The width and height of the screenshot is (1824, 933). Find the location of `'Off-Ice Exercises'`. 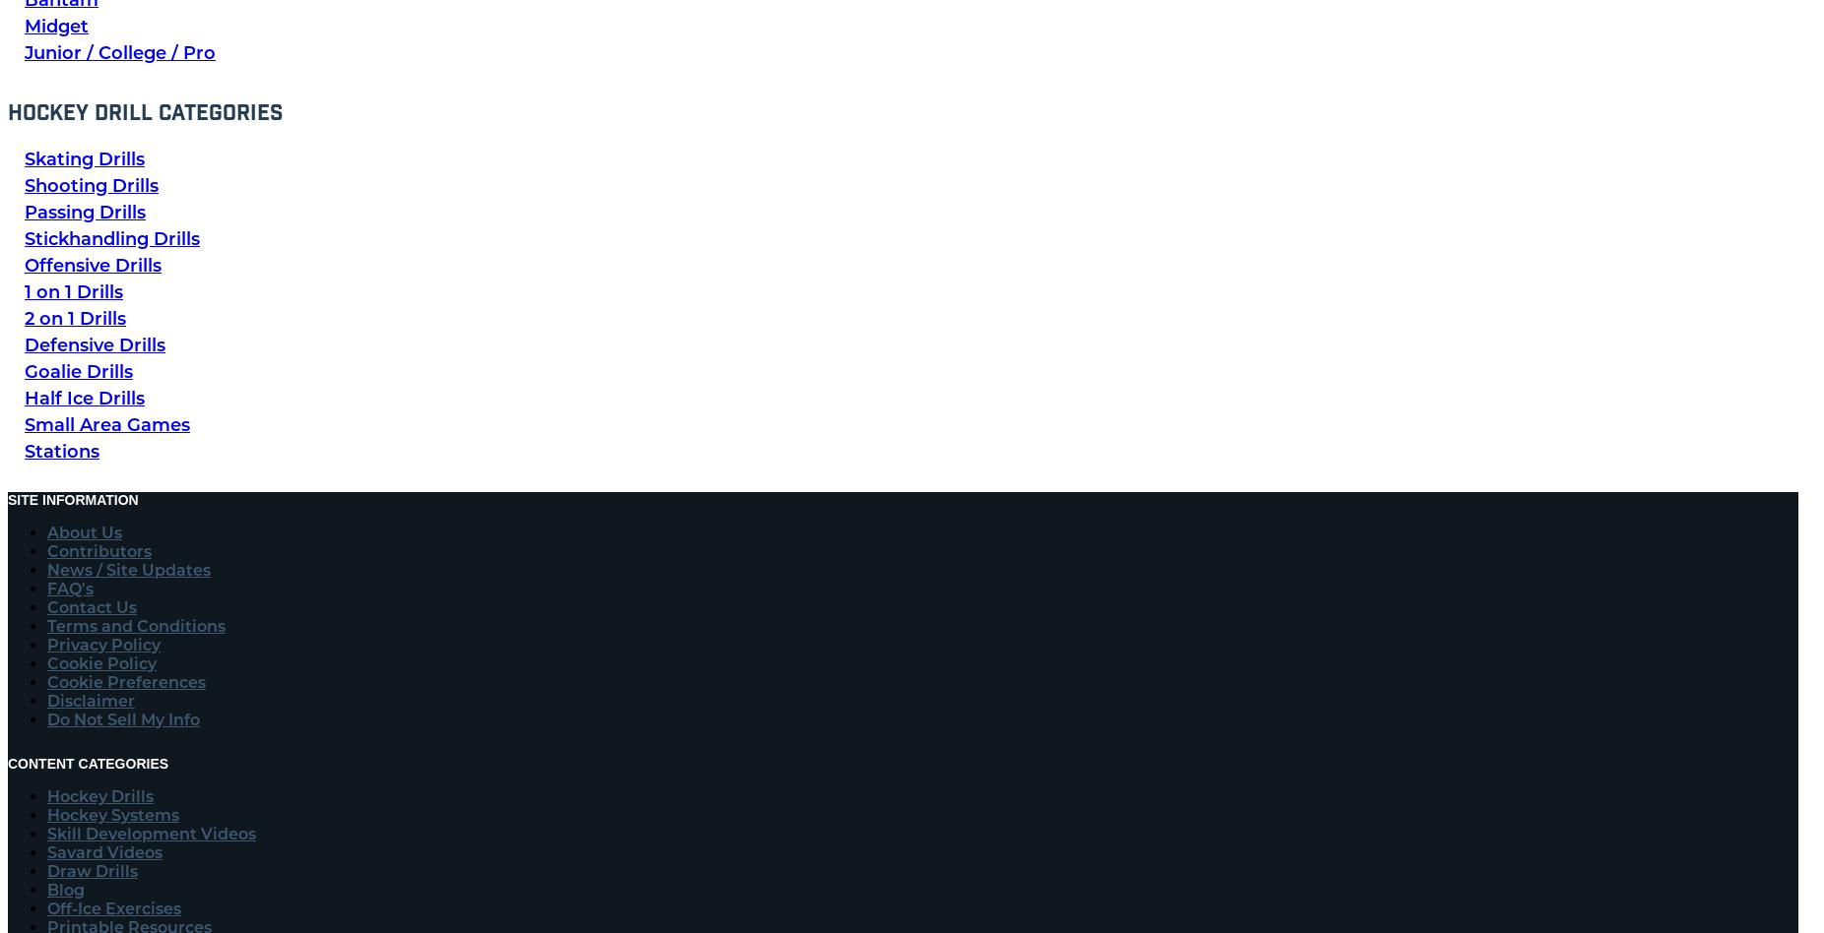

'Off-Ice Exercises' is located at coordinates (45, 907).